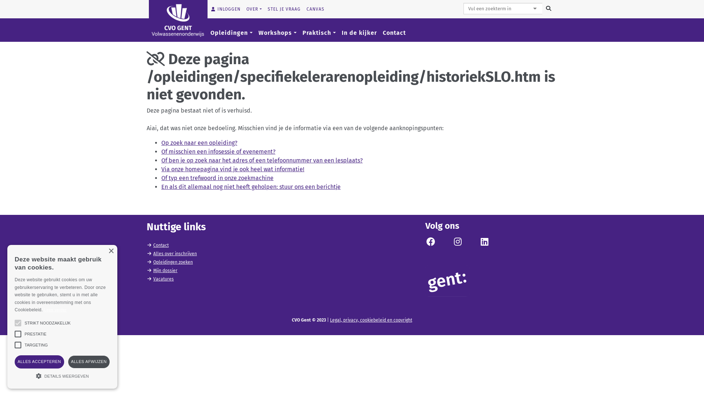 The image size is (704, 396). What do you see at coordinates (175, 253) in the screenshot?
I see `'Alles over inschrijven'` at bounding box center [175, 253].